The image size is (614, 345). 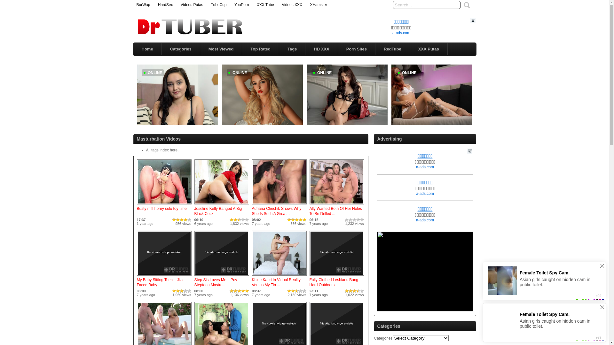 What do you see at coordinates (221, 49) in the screenshot?
I see `'Most Viewed'` at bounding box center [221, 49].